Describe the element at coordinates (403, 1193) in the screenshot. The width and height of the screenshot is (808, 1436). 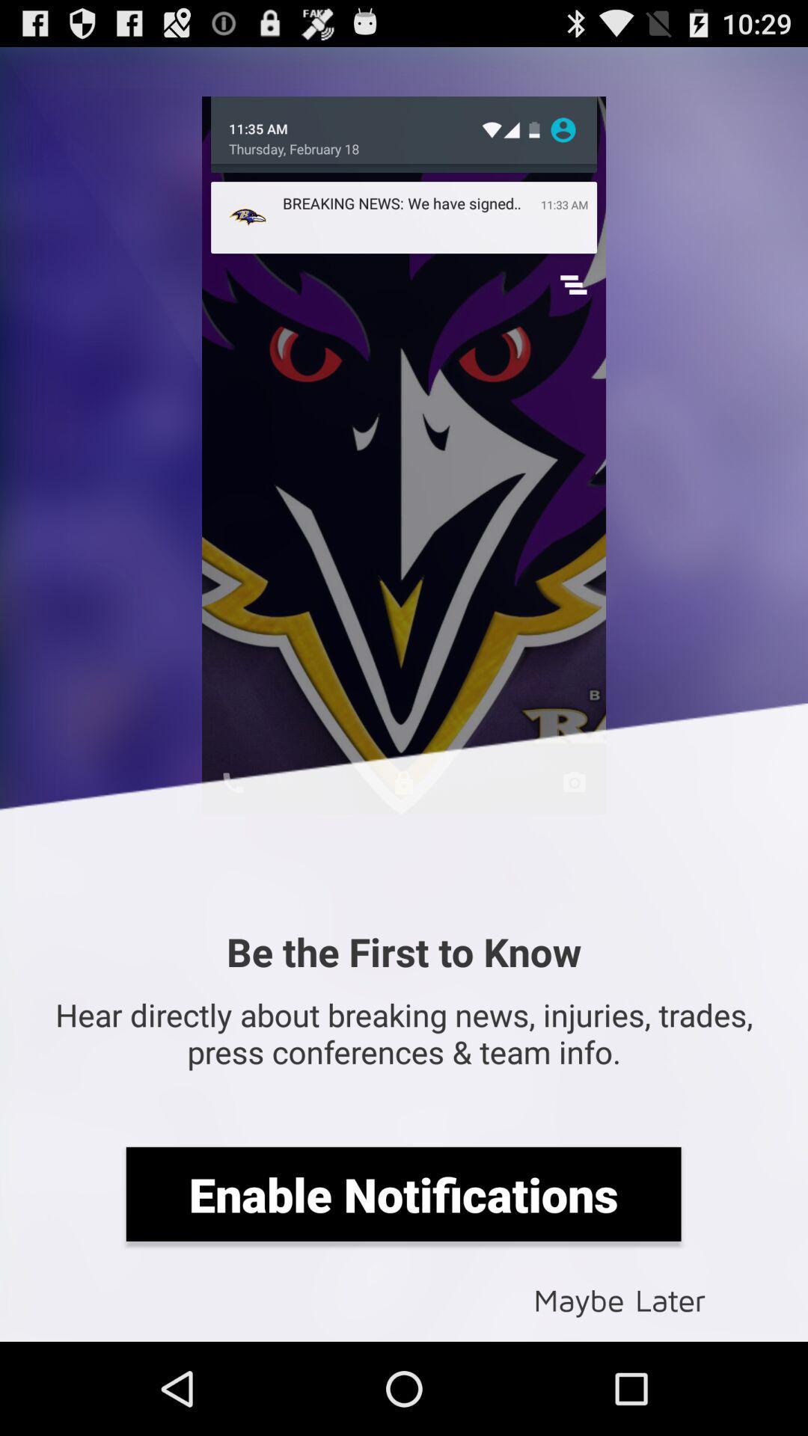
I see `the icon below hear directly about icon` at that location.